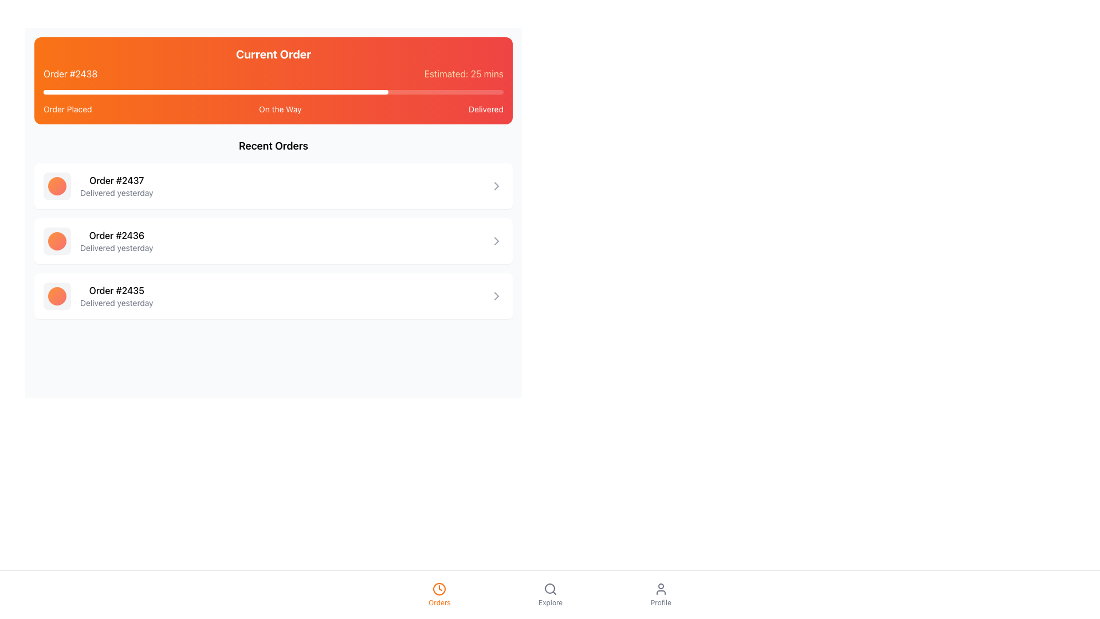 The height and width of the screenshot is (619, 1100). I want to click on the right-pointing chevron icon, styled in gray, located at the right end of the order details for 'Order #2435', adjacent, so click(497, 295).